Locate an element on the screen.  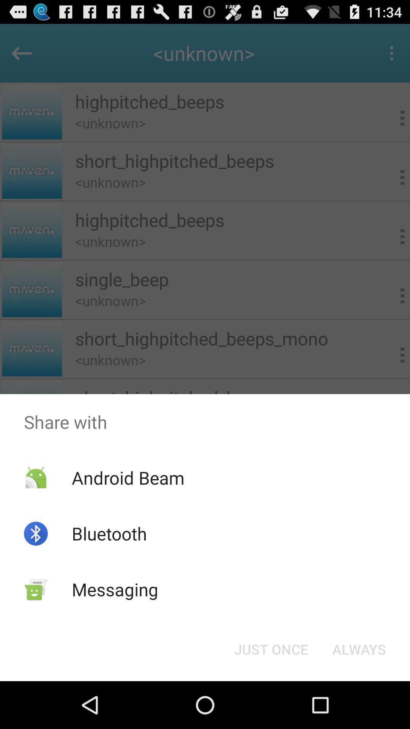
item below share with icon is located at coordinates (359, 649).